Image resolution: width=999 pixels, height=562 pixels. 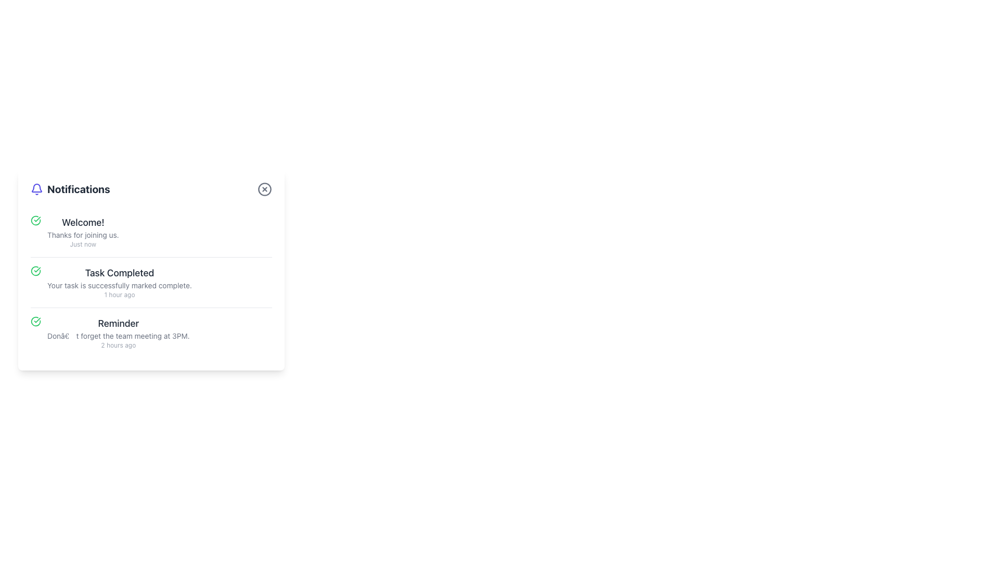 What do you see at coordinates (78, 189) in the screenshot?
I see `the text label 'Notifications', which is styled in bold with a large font and dark coloring, located at the top left of the notification panel next to a bell icon` at bounding box center [78, 189].